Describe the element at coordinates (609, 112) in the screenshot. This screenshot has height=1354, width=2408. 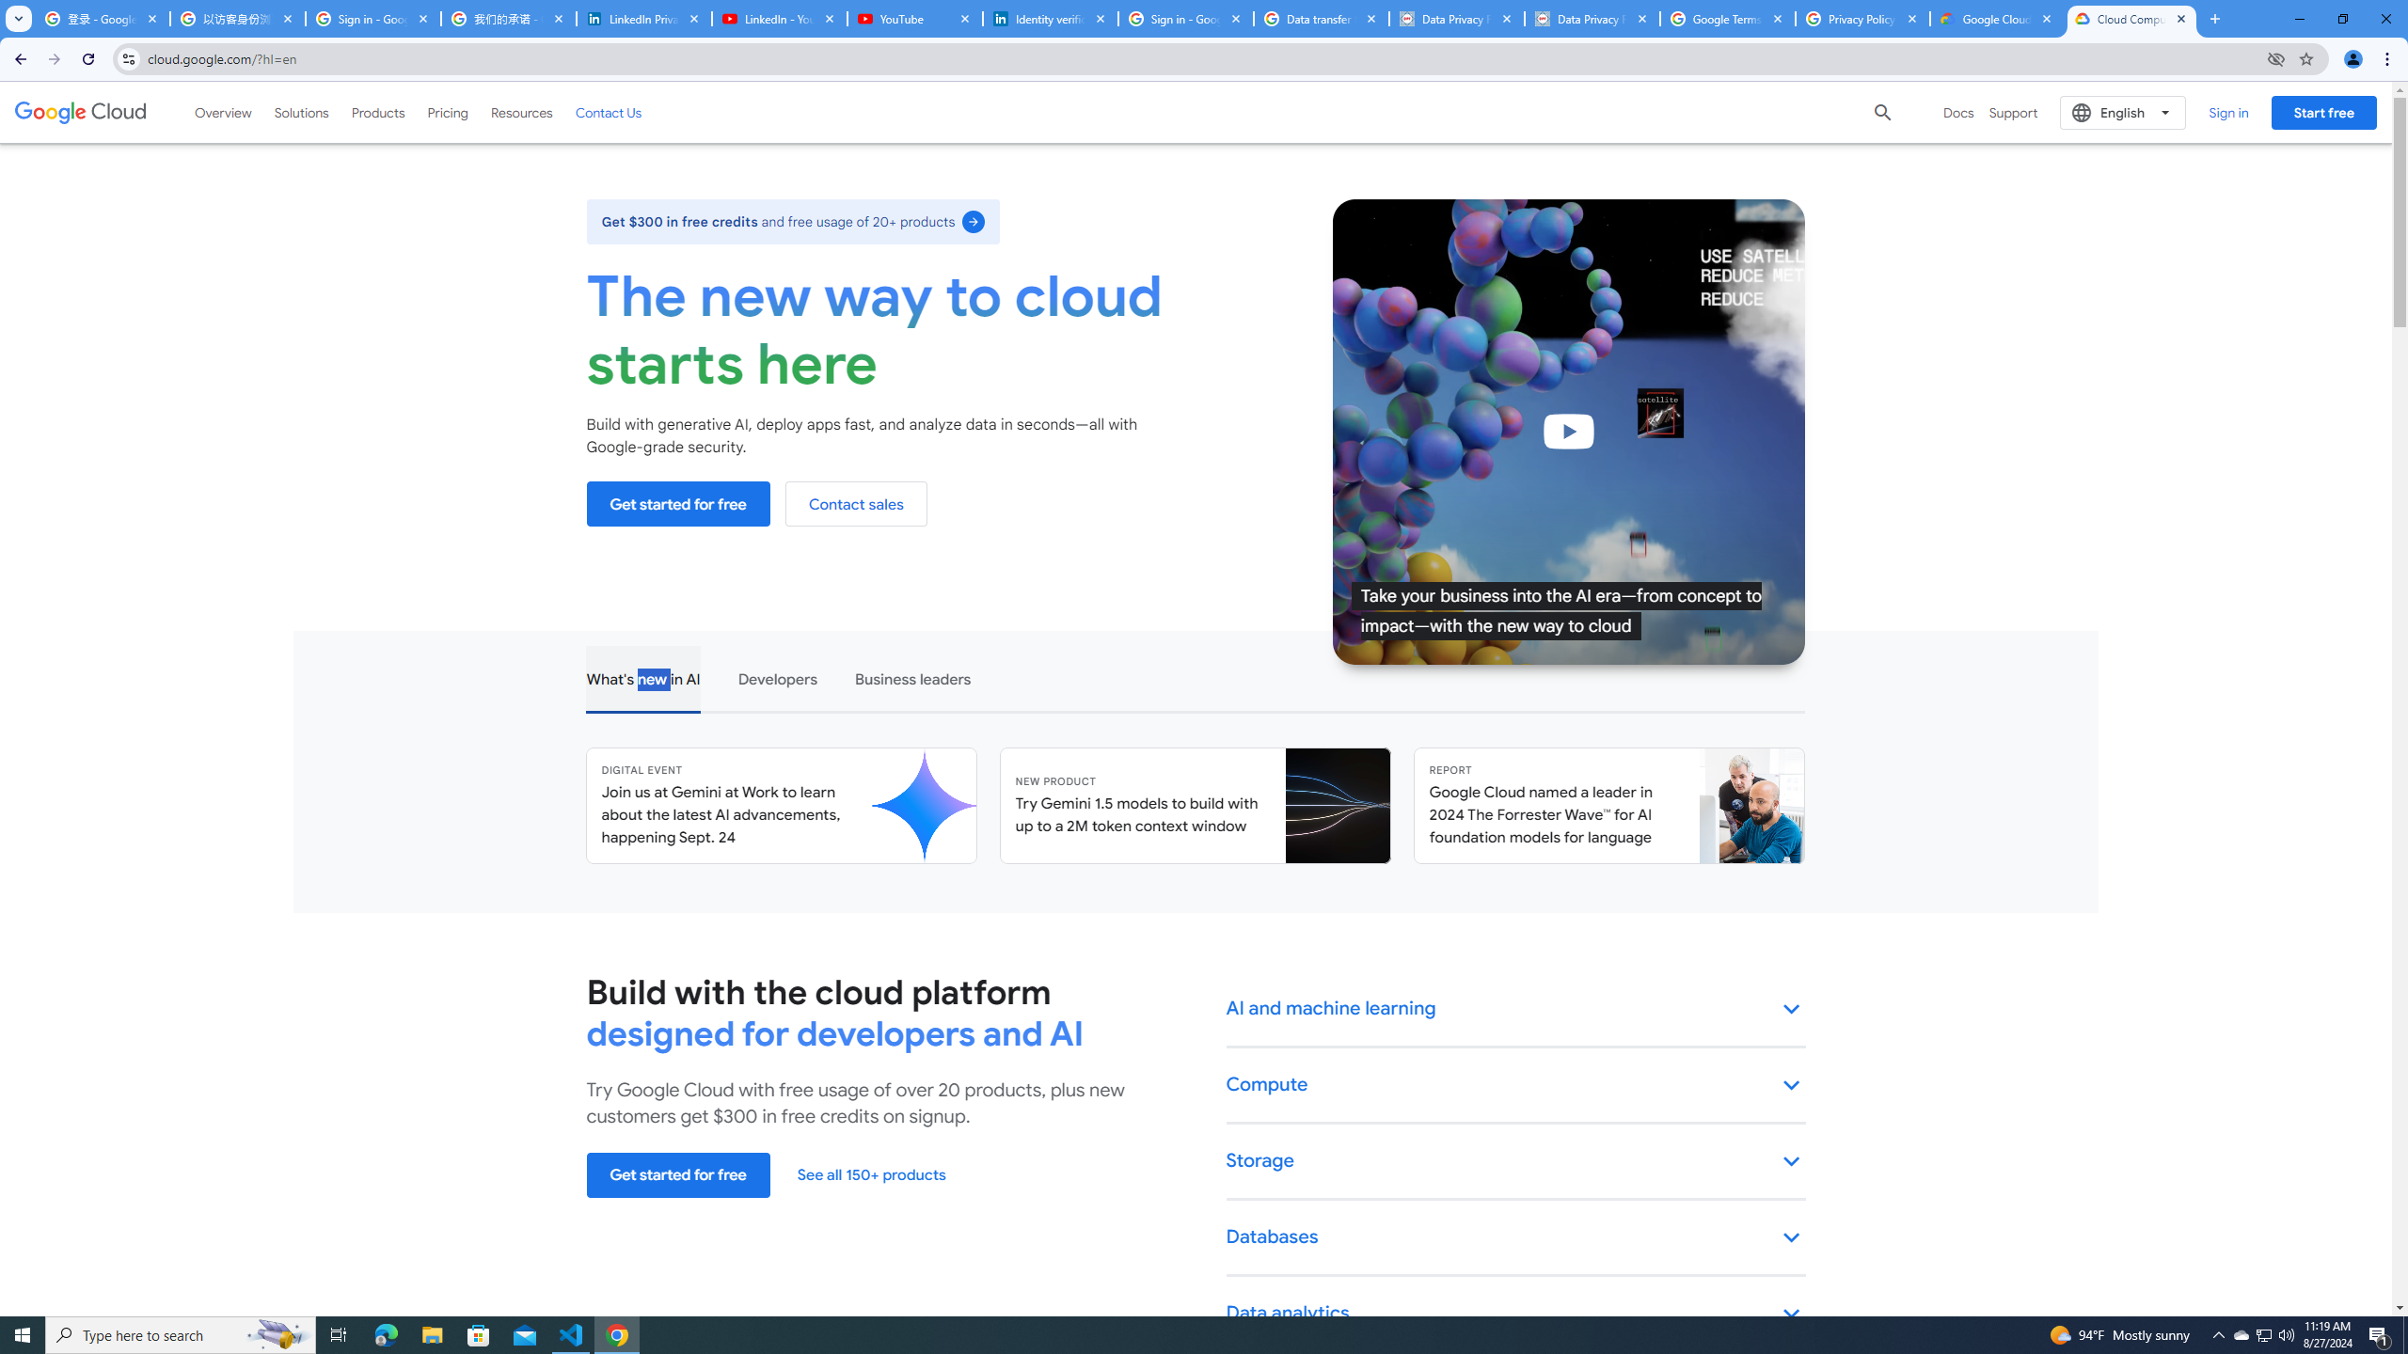
I see `'Contact Us'` at that location.